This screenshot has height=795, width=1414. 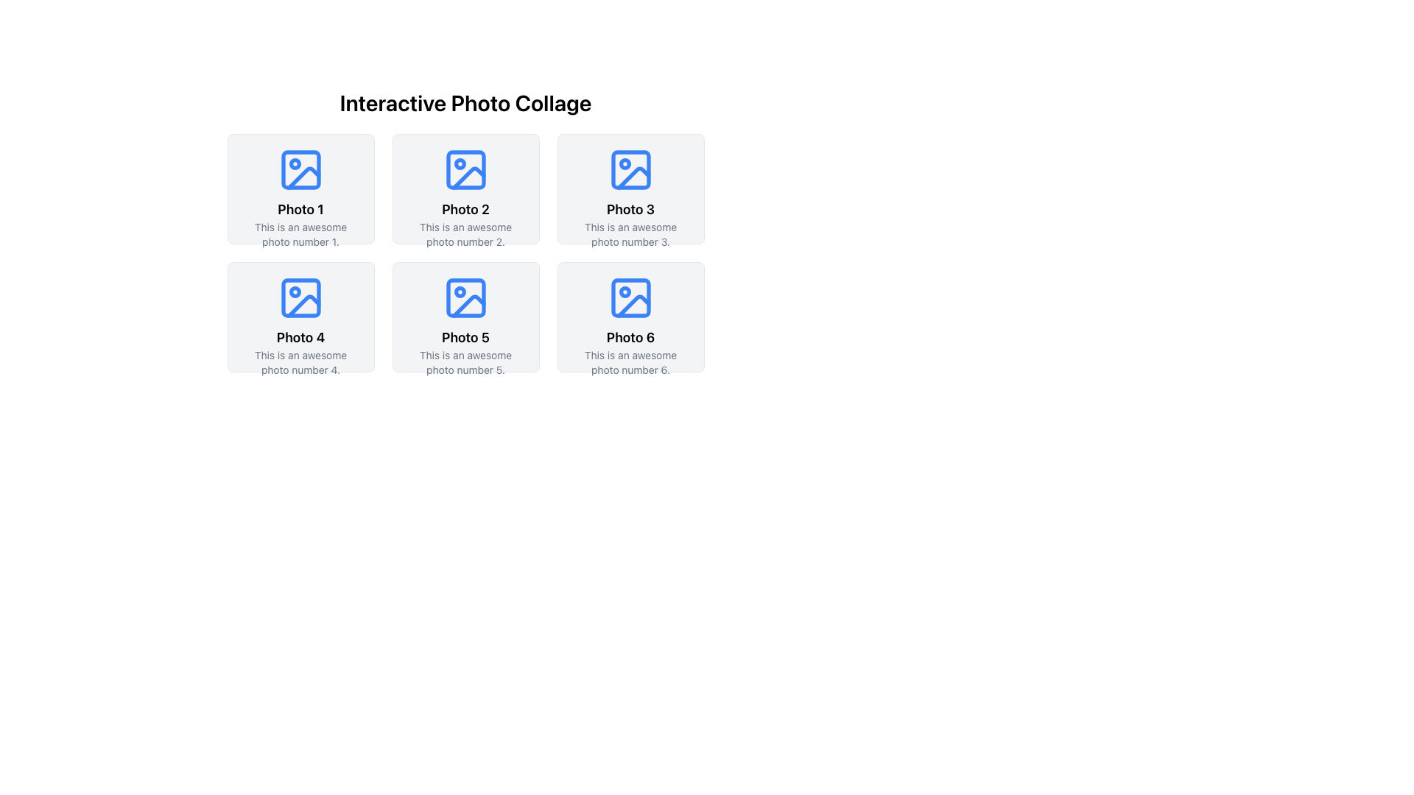 What do you see at coordinates (465, 188) in the screenshot?
I see `the second card in the first row of the gallery interface that displays a photo's title and description to interact or expand` at bounding box center [465, 188].